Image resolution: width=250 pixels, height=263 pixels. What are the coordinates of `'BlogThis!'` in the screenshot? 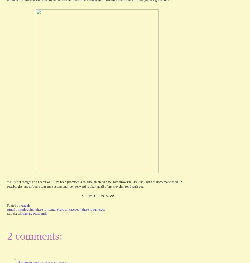 It's located at (28, 209).